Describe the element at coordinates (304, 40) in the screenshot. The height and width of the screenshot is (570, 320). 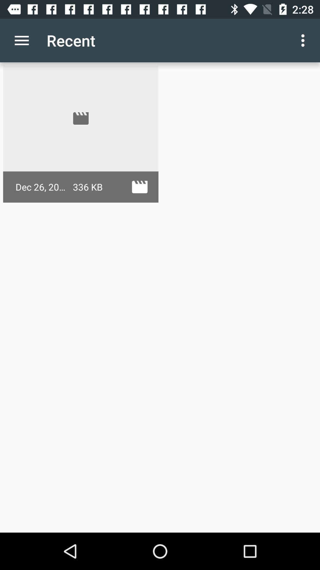
I see `app next to recent icon` at that location.